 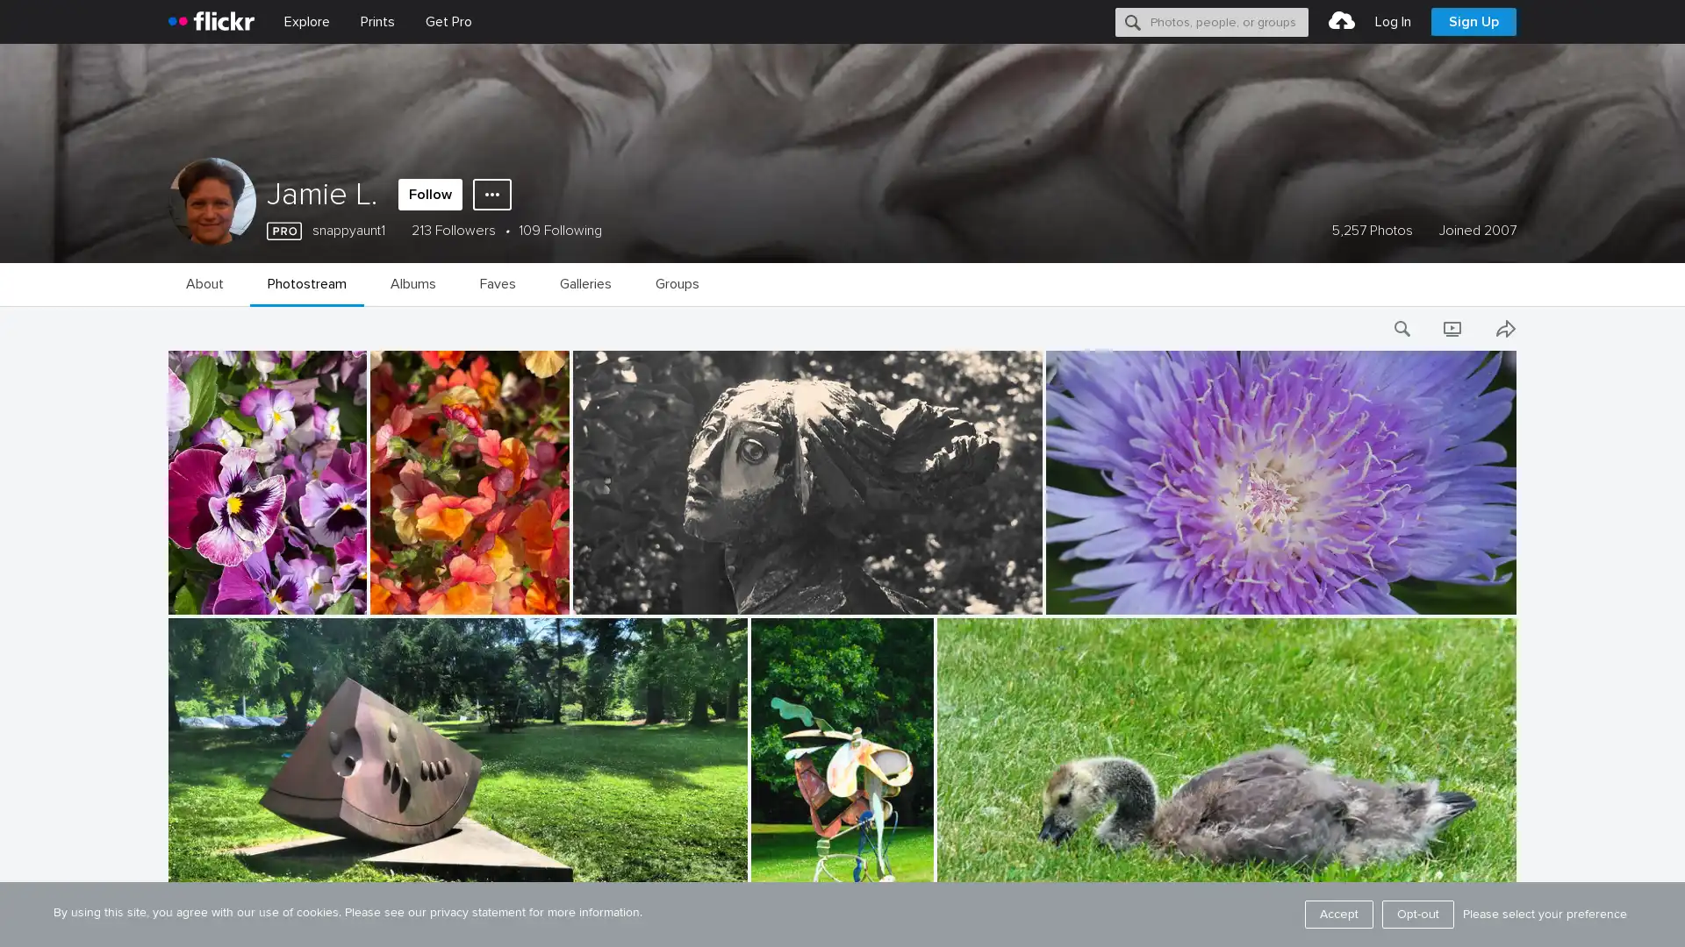 What do you see at coordinates (526, 598) in the screenshot?
I see `Add to Favorites` at bounding box center [526, 598].